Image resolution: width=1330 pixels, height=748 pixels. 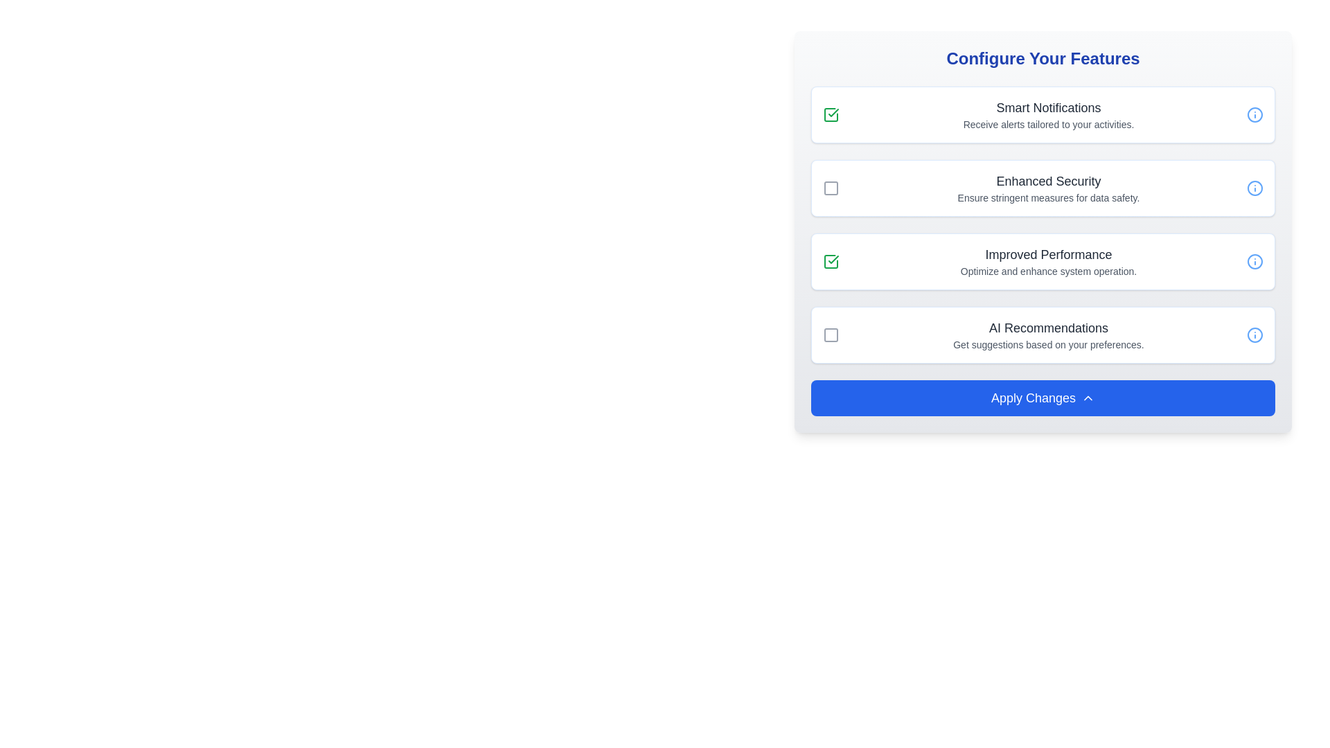 I want to click on the Square indicator styled as a light gray rectangle with rounded edges, located in the bottom row of the vertical list under 'AI Recommendations', so click(x=831, y=335).